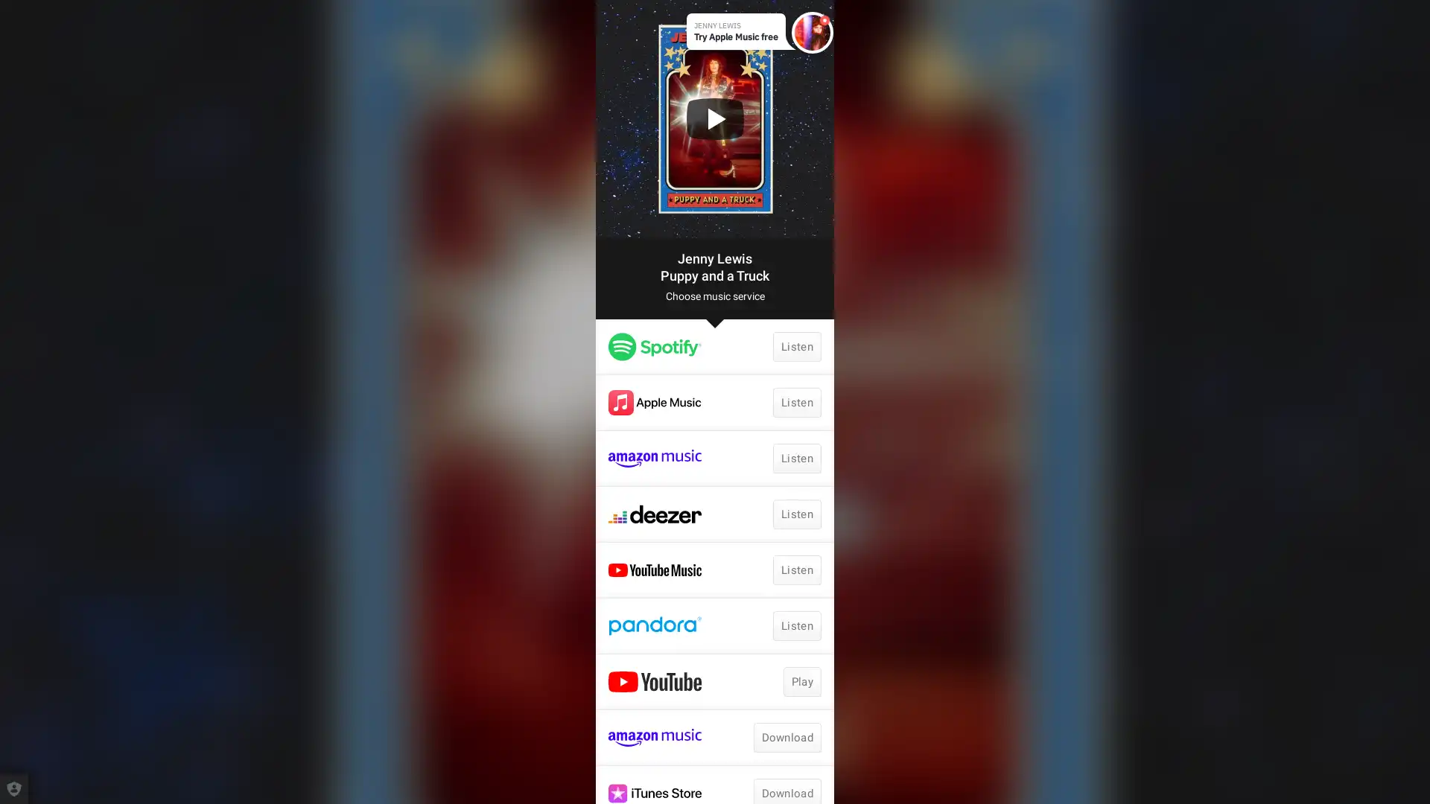 The image size is (1430, 804). What do you see at coordinates (796, 569) in the screenshot?
I see `Listen` at bounding box center [796, 569].